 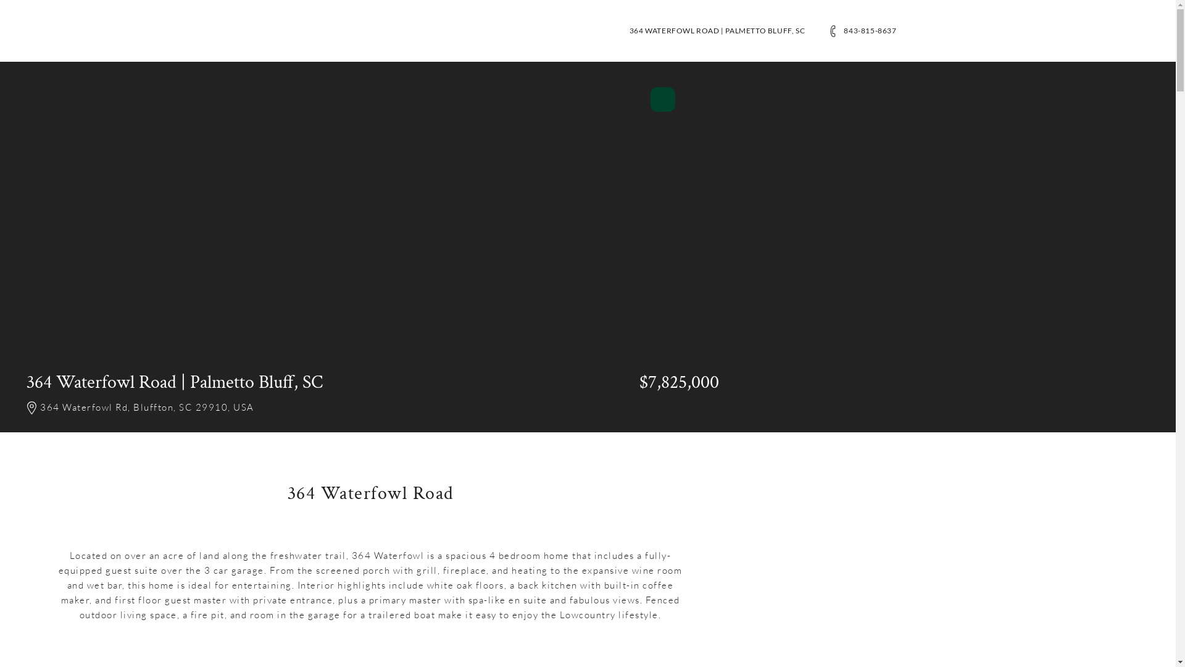 What do you see at coordinates (153, 408) in the screenshot?
I see `'364 Waterfowl Rd, Bluffton, SC 29910, USA'` at bounding box center [153, 408].